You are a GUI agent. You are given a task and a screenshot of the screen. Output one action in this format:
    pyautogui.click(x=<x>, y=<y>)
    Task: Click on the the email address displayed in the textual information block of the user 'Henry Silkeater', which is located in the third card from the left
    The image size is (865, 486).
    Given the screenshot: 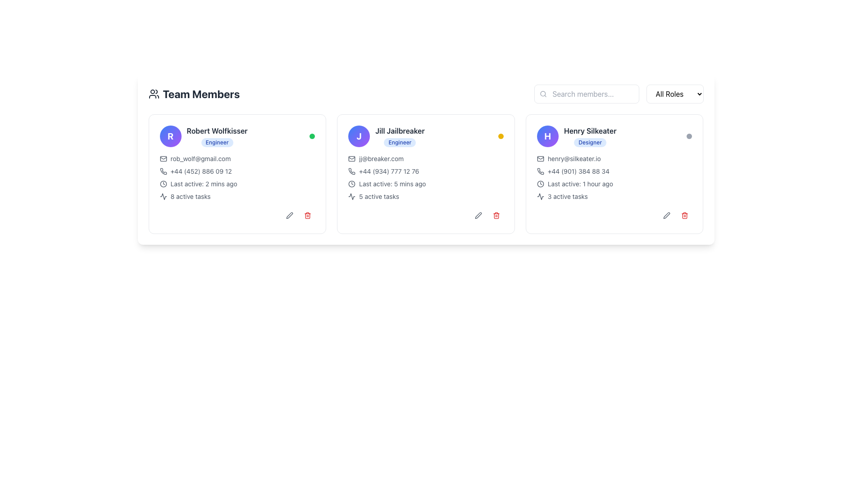 What is the action you would take?
    pyautogui.click(x=614, y=177)
    